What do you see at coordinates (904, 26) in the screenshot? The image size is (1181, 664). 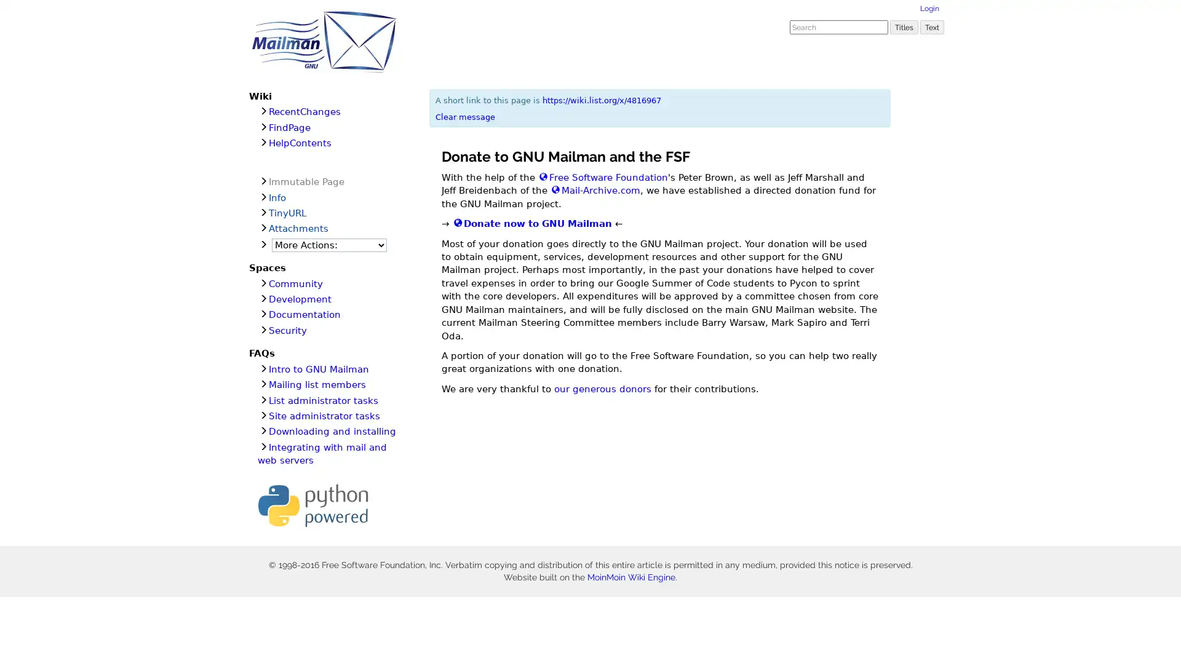 I see `Titles` at bounding box center [904, 26].